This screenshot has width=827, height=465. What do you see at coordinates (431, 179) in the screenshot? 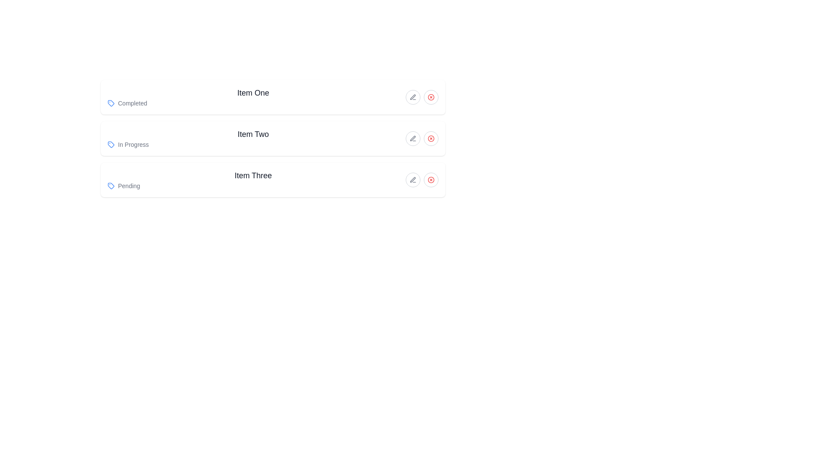
I see `the third delete Icon button located in the rightmost portion of the third row` at bounding box center [431, 179].